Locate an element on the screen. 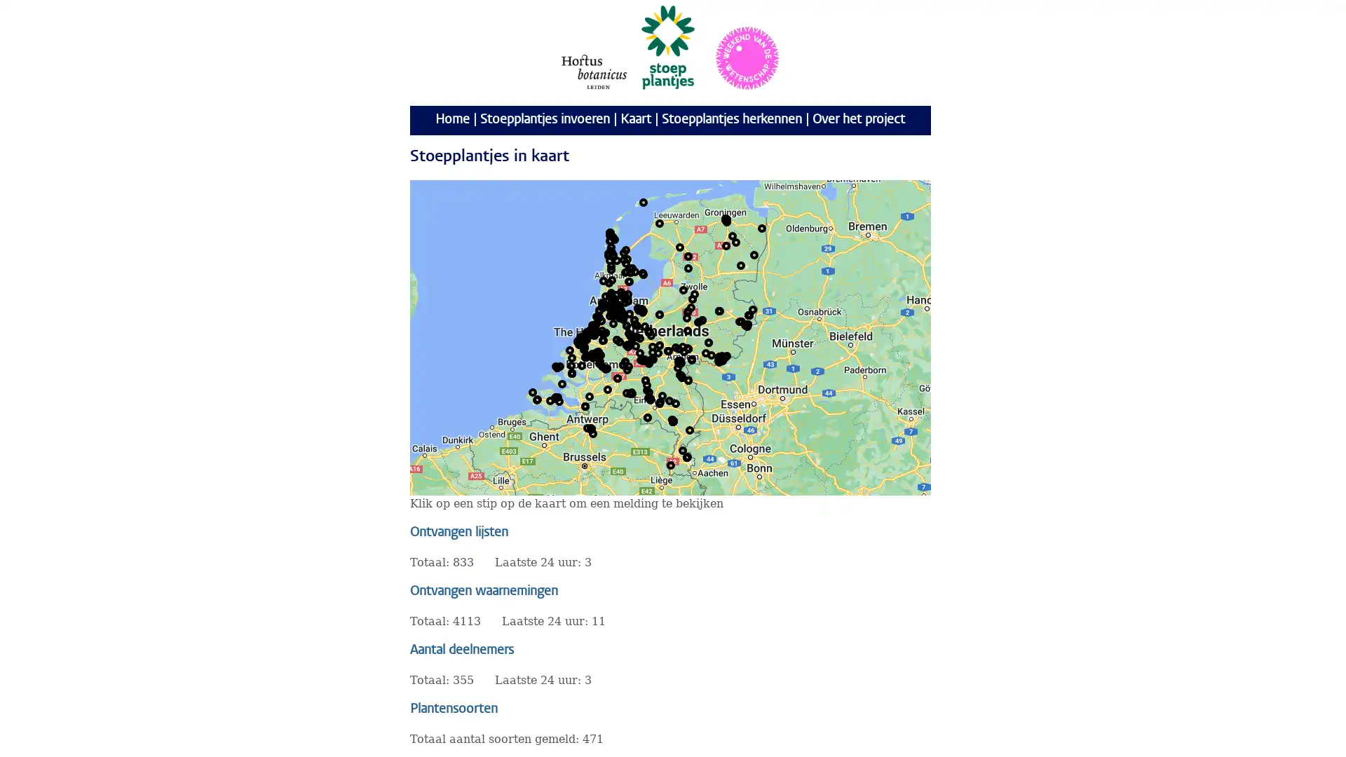 The width and height of the screenshot is (1346, 757). Telling van op 08 november 2021 is located at coordinates (615, 238).